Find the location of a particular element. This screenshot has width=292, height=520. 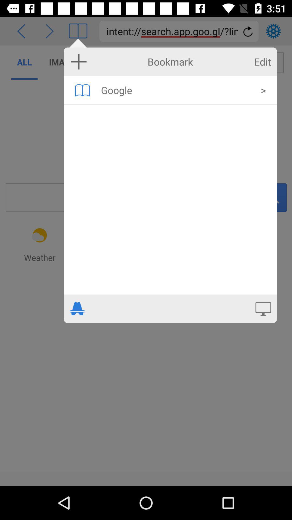

the google is located at coordinates (177, 90).